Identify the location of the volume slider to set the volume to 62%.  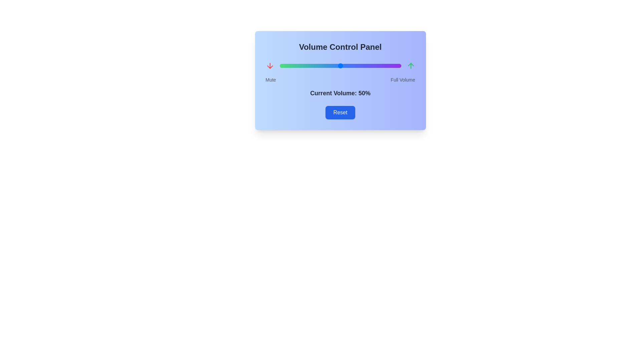
(355, 66).